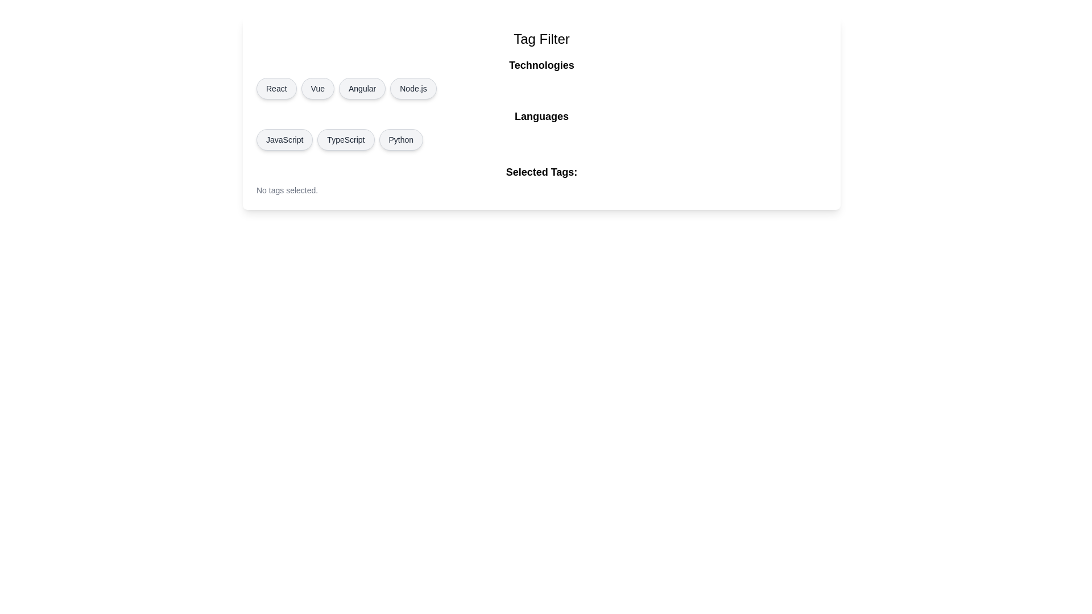 Image resolution: width=1092 pixels, height=614 pixels. Describe the element at coordinates (541, 179) in the screenshot. I see `the informational text block labeled 'Selected Tags:' which displays the message 'No tags selected.'` at that location.